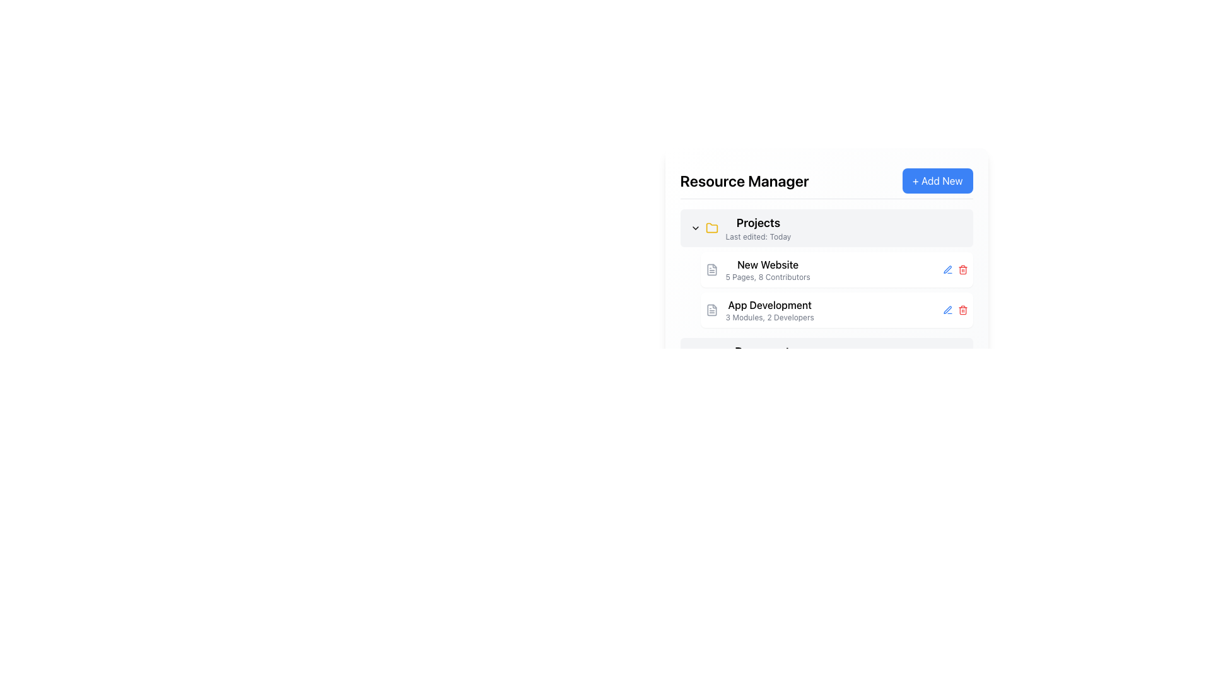 The image size is (1211, 681). I want to click on the project entry in the list-like component, so click(836, 289).